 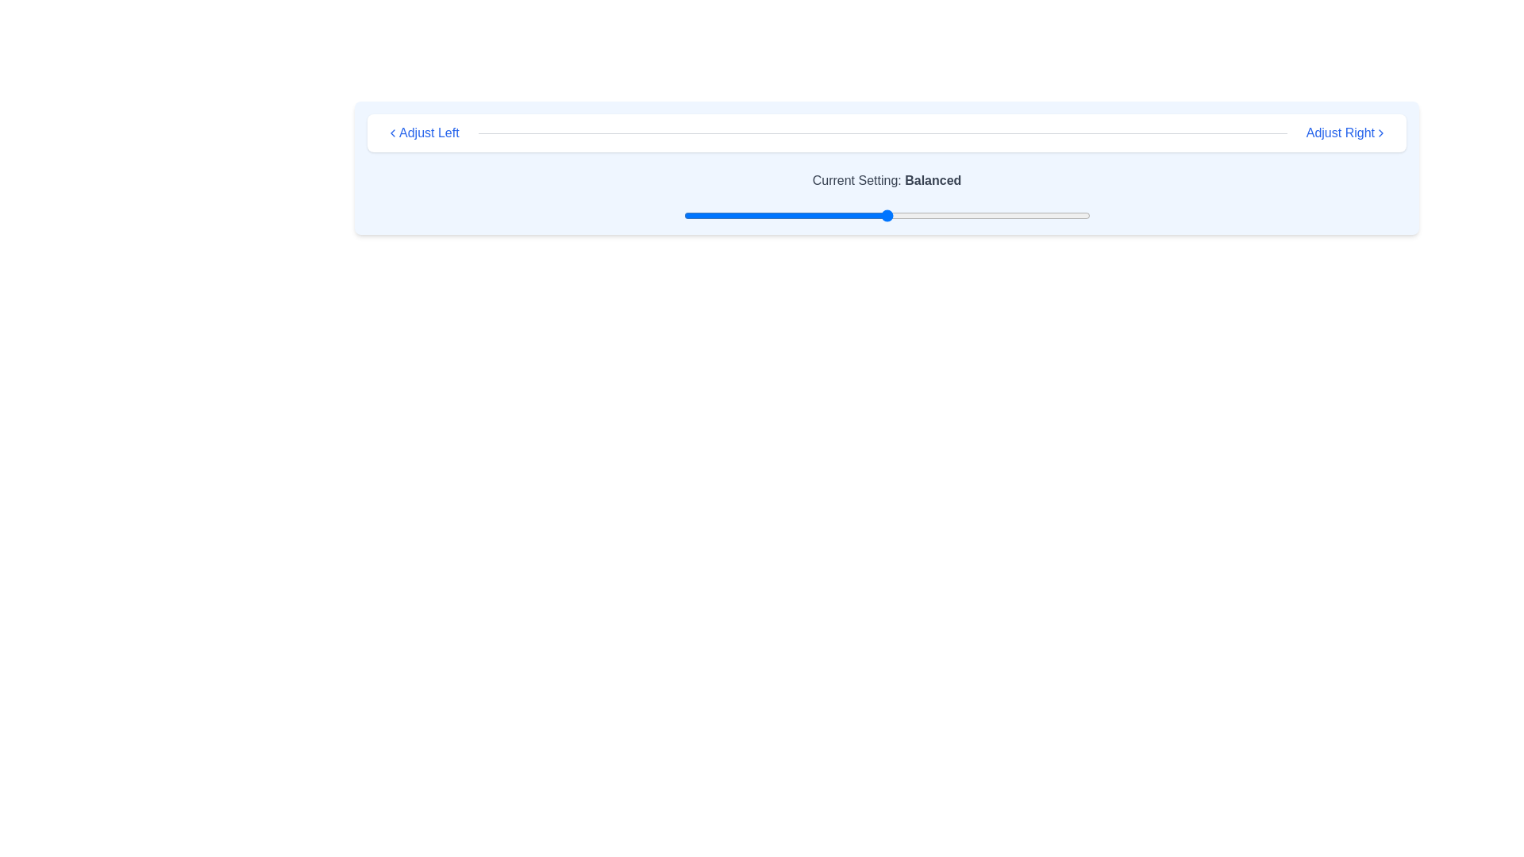 I want to click on the slider, so click(x=927, y=216).